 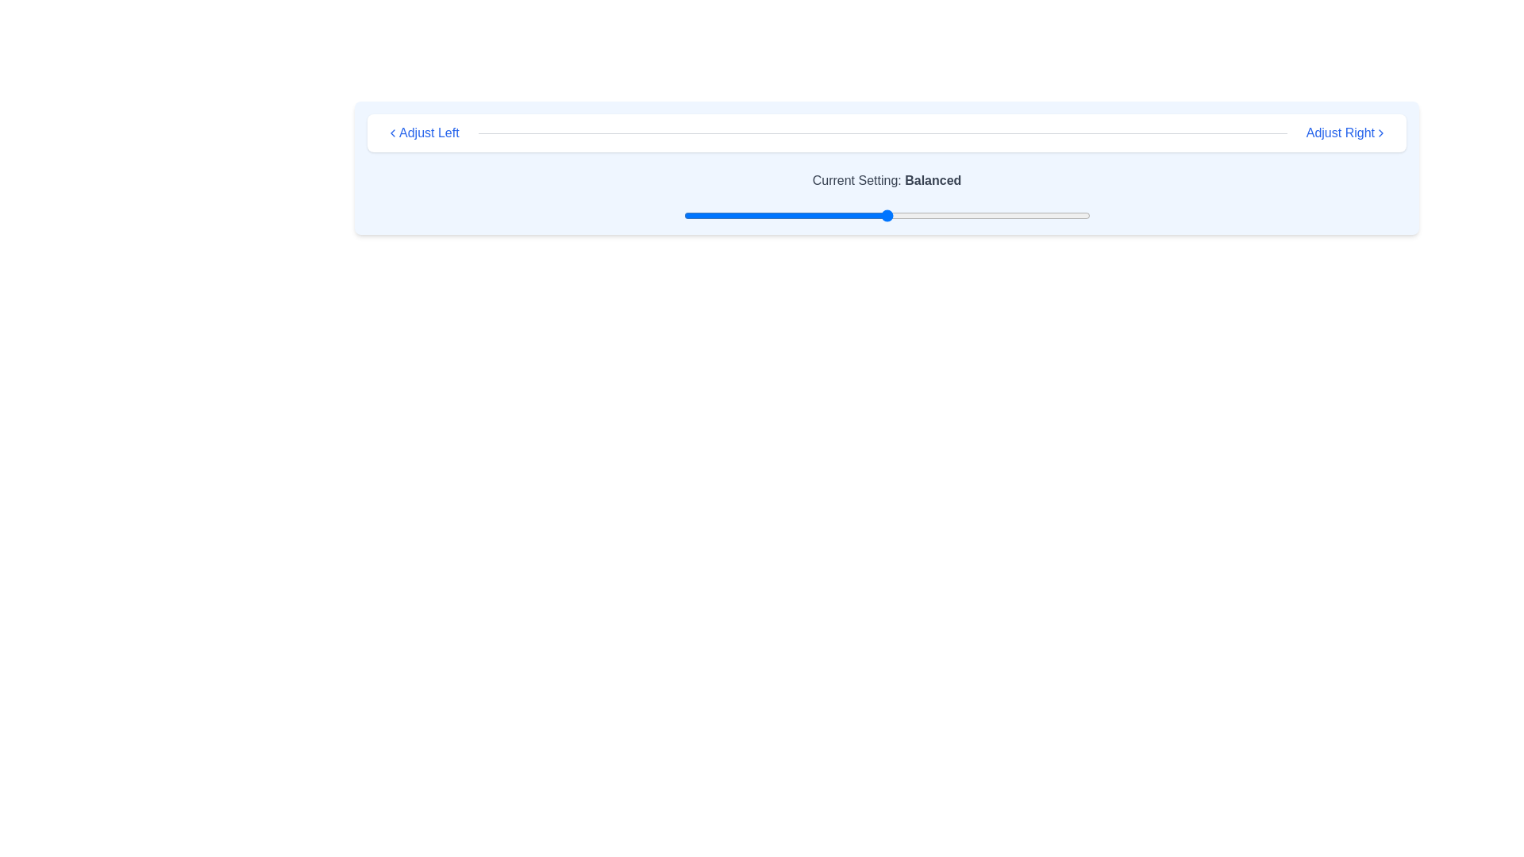 I want to click on the slider, so click(x=927, y=216).